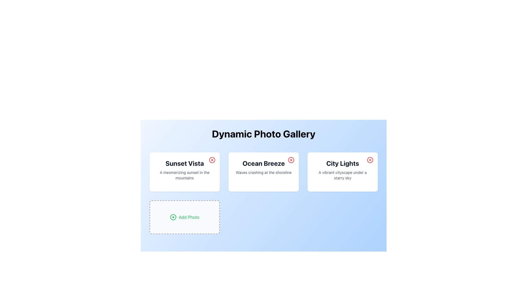  I want to click on descriptive title and short description text block located at the center of the middle card in the gallery interface, which is visually distinguished by its white background, shadow, and rounded corners, so click(264, 167).